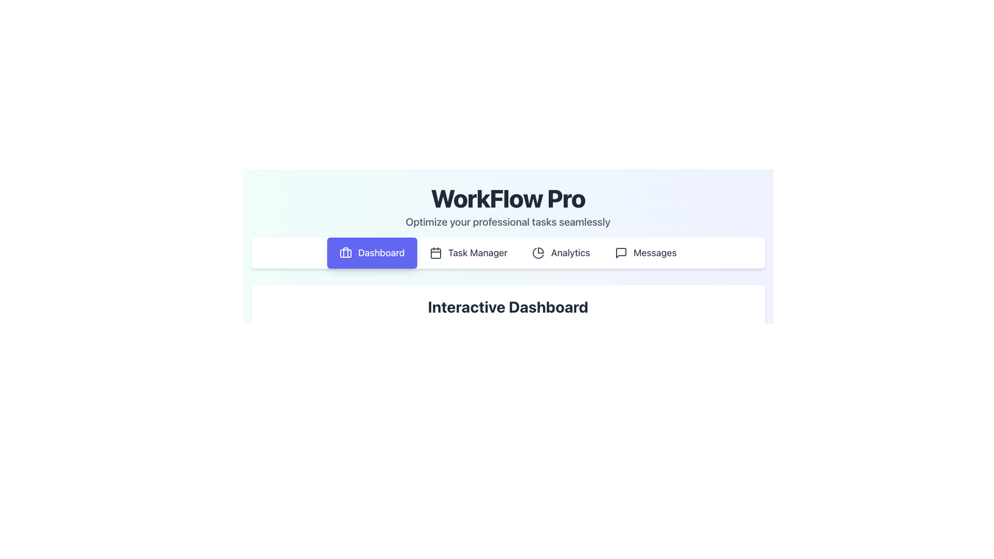 The image size is (994, 559). Describe the element at coordinates (508, 253) in the screenshot. I see `the Navigation bar located below the 'WorkFlow Pro' title and above the 'Interactive Dashboard' section to trigger the hover state effect on the buttons` at that location.